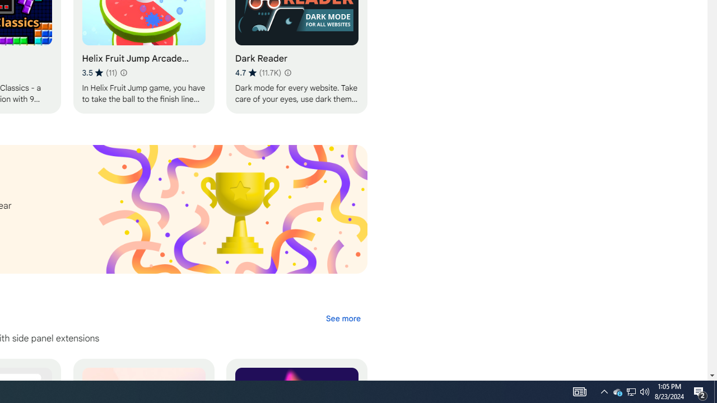  Describe the element at coordinates (99, 72) in the screenshot. I see `'Average rating 3.5 out of 5 stars. 11 ratings.'` at that location.